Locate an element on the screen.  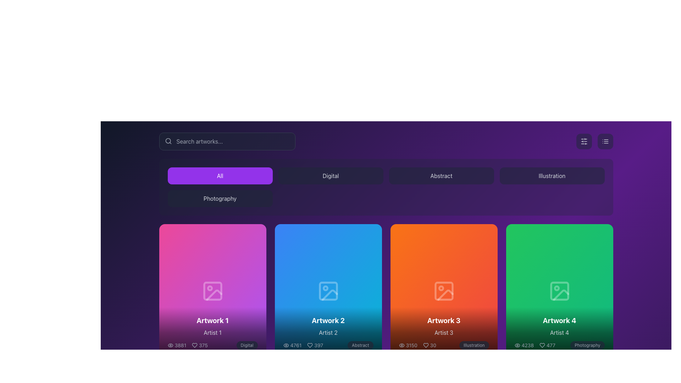
the download icon located in the upper right corner of the fourth artwork card, which is enclosed in a circular clickable region, to initiate a download is located at coordinates (559, 291).